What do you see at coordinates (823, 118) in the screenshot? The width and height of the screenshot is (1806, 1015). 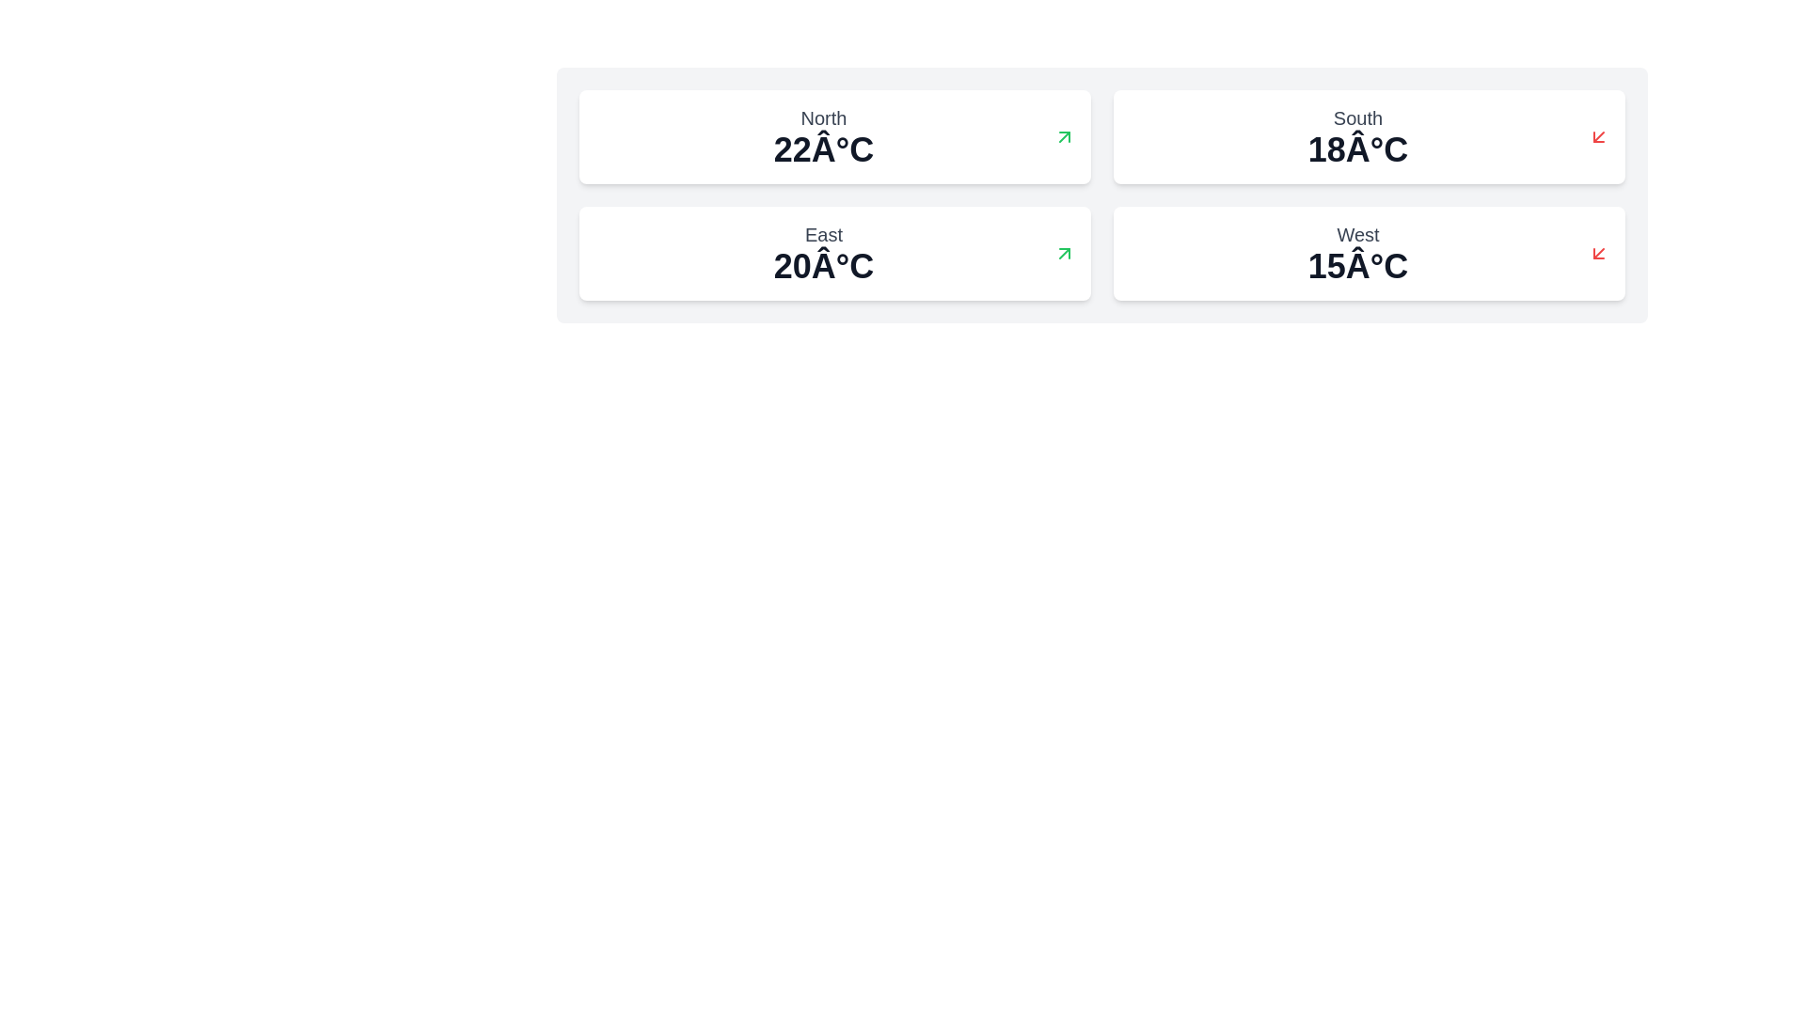 I see `the 'North' label, which is a gray text element displayed in a medium-large font size, positioned above the '22°C' temperature display within a card in the top-left corner of a 2x2 grid layout` at bounding box center [823, 118].